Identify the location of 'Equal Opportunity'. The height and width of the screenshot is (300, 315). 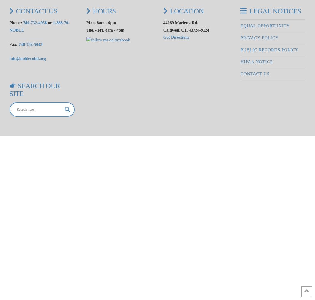
(265, 25).